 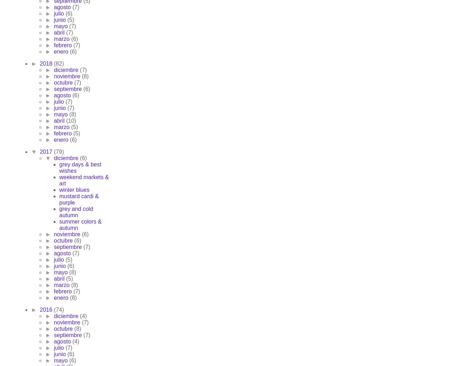 What do you see at coordinates (39, 310) in the screenshot?
I see `'2016'` at bounding box center [39, 310].